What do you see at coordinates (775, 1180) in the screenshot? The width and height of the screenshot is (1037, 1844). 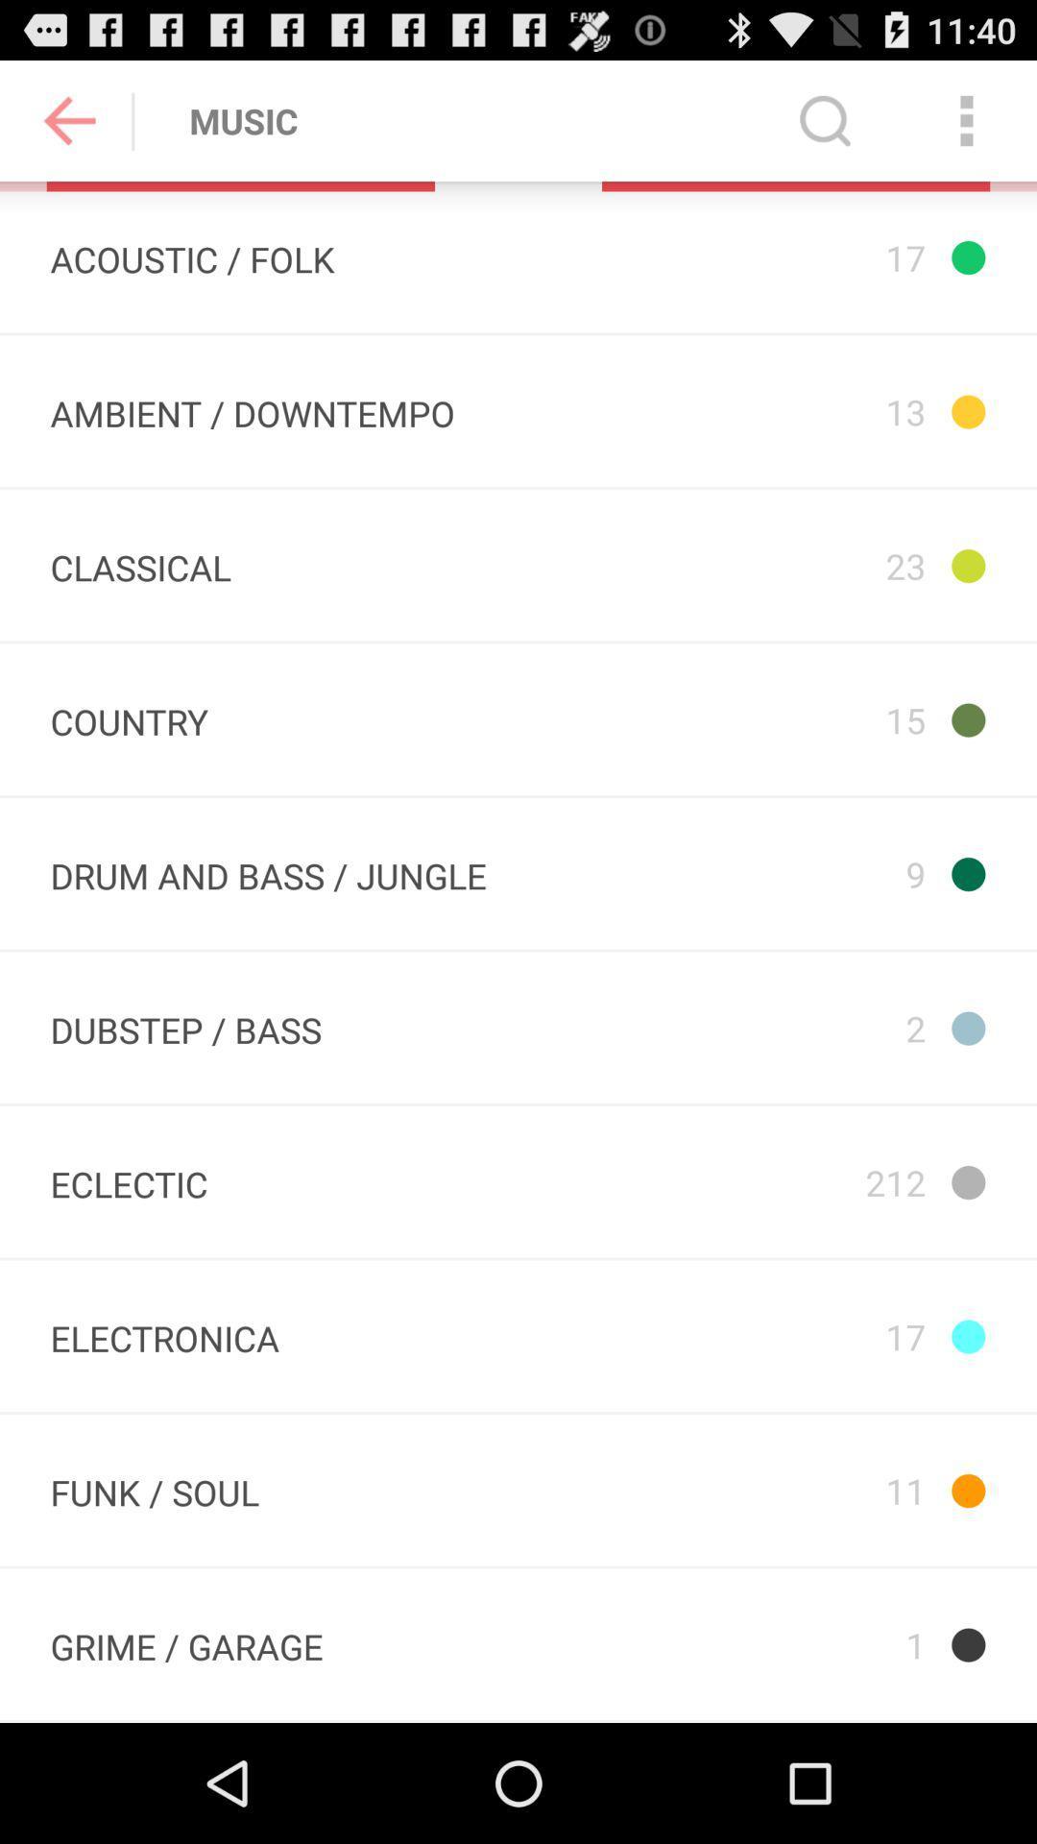 I see `212 icon` at bounding box center [775, 1180].